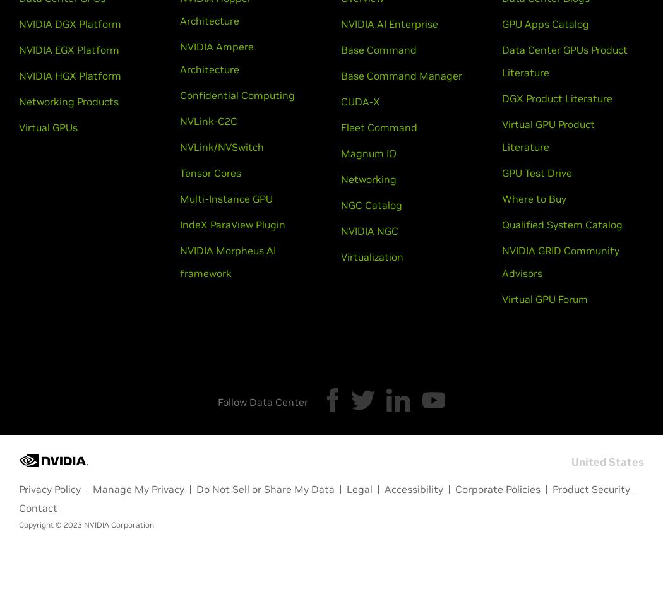 This screenshot has width=663, height=616. Describe the element at coordinates (359, 489) in the screenshot. I see `'Legal'` at that location.